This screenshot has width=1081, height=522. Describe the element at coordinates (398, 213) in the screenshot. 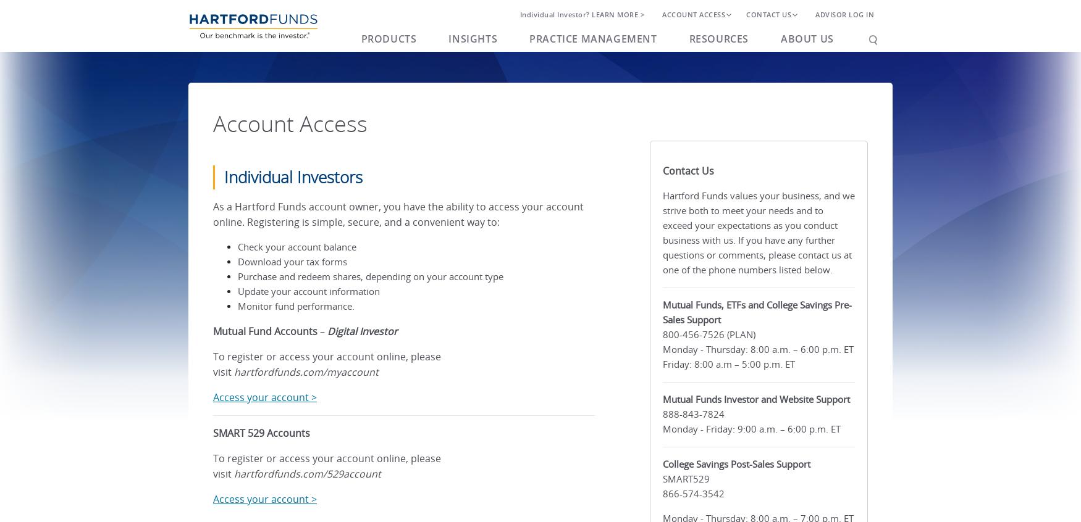

I see `'As a Hartford Funds account owner, you have the ability to access your account online. Registering is simple, secure, and a convenient way to:'` at that location.